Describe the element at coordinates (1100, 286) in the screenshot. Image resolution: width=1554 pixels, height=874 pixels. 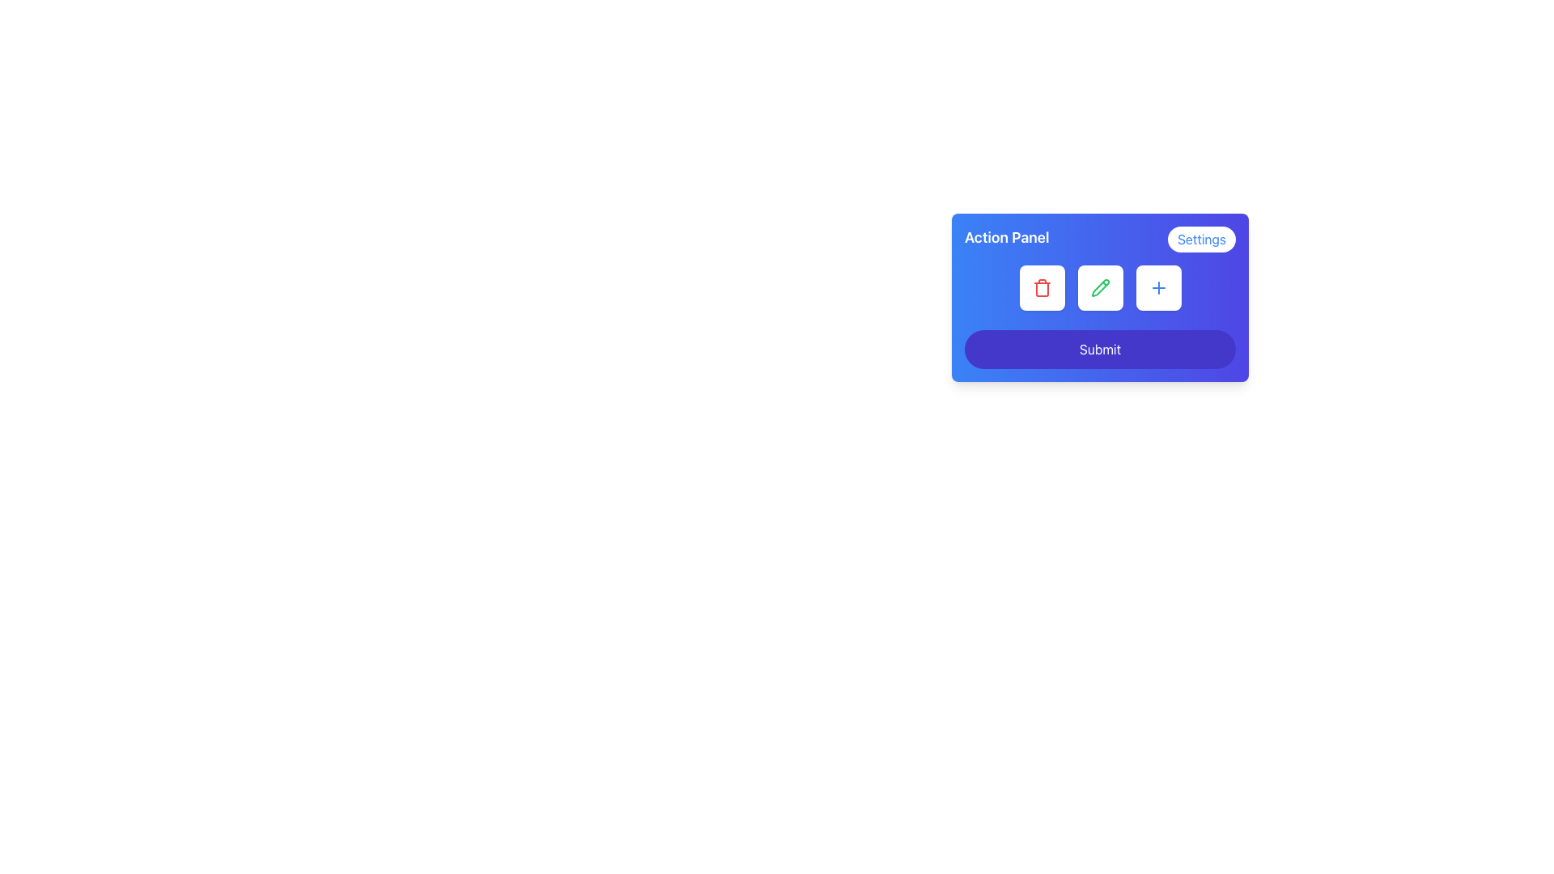
I see `the edit button located in the middle column of the blue 'Action Panel'` at that location.